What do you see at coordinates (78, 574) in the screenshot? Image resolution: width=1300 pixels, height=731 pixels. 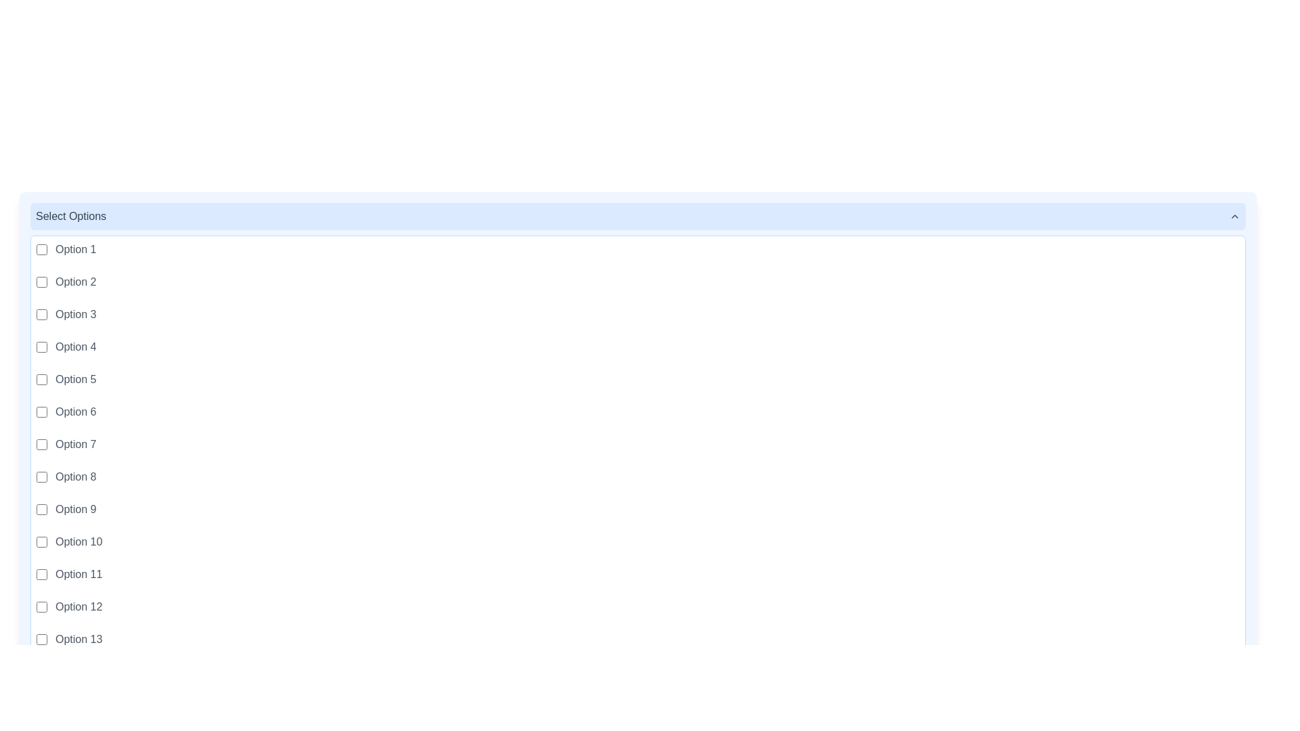 I see `the text label displaying 'Option 11', which is styled in gray and located to the right of a checkbox in a vertical list of options` at bounding box center [78, 574].